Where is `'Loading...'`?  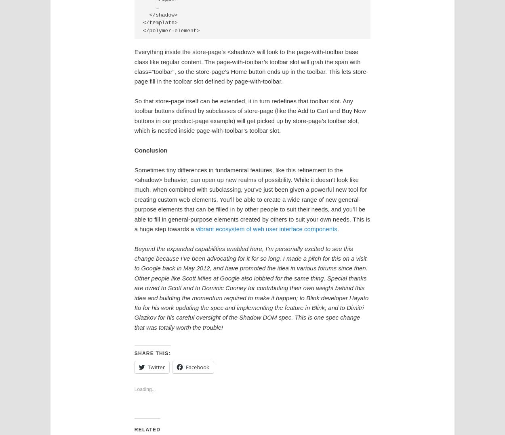 'Loading...' is located at coordinates (144, 389).